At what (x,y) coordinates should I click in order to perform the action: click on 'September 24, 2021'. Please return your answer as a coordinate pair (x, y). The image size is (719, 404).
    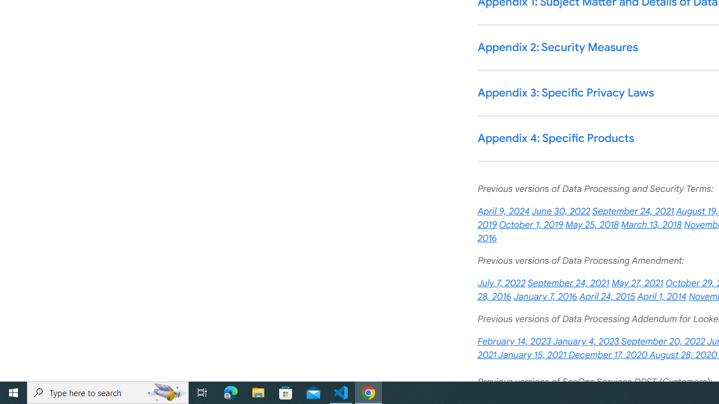
    Looking at the image, I should click on (568, 283).